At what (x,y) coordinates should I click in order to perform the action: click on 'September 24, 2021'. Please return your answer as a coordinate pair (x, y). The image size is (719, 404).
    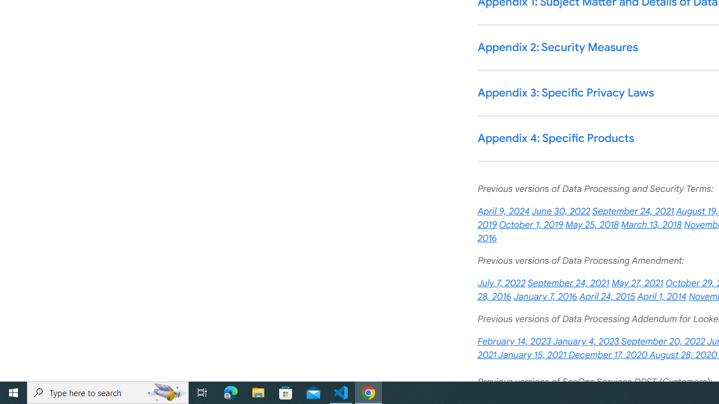
    Looking at the image, I should click on (568, 283).